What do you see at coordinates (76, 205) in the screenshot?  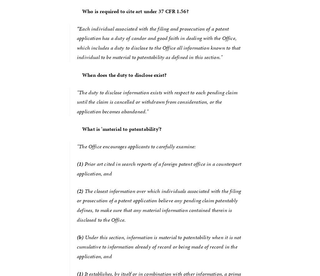 I see `'The closest information over which individuals associated with the filing or prosecution of a patent application believe any pending claim patentably defines, to make sure that any material information contained therein is disclosed to the Office.'` at bounding box center [76, 205].